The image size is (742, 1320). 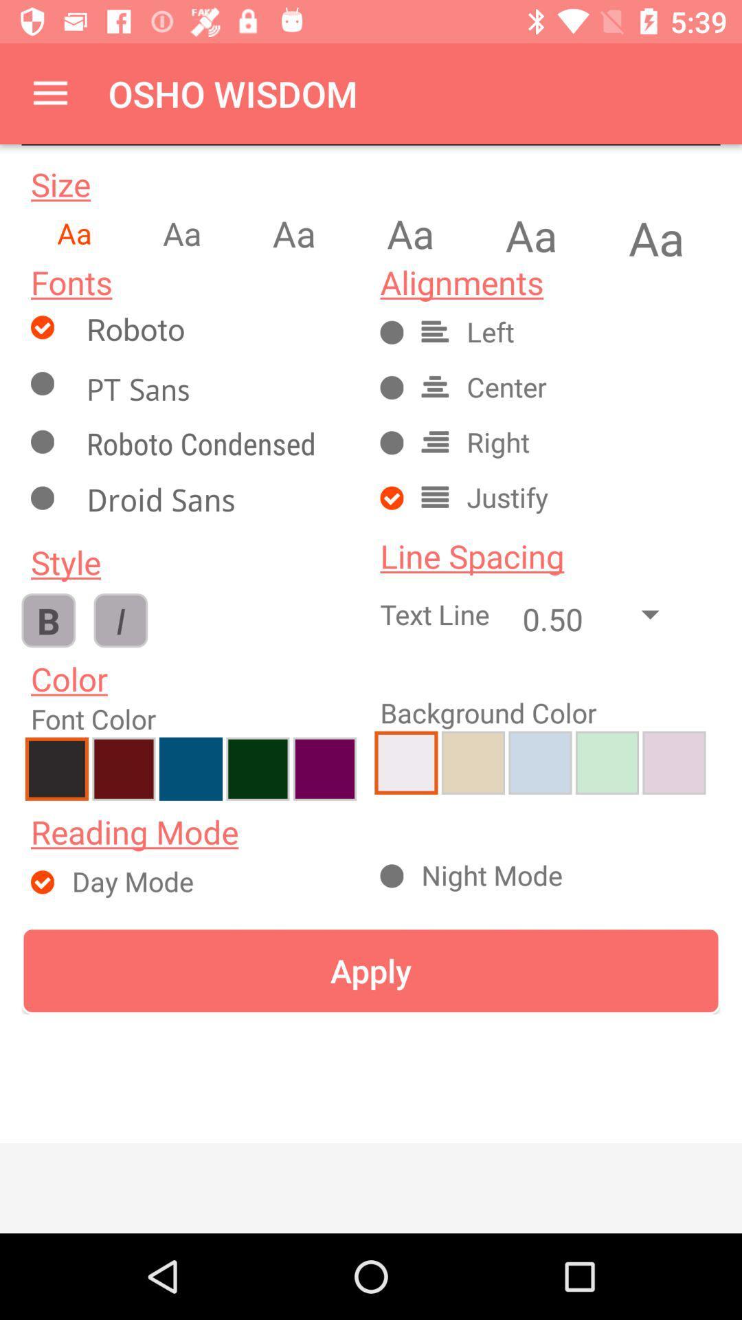 What do you see at coordinates (258, 768) in the screenshot?
I see `choose the green font color` at bounding box center [258, 768].